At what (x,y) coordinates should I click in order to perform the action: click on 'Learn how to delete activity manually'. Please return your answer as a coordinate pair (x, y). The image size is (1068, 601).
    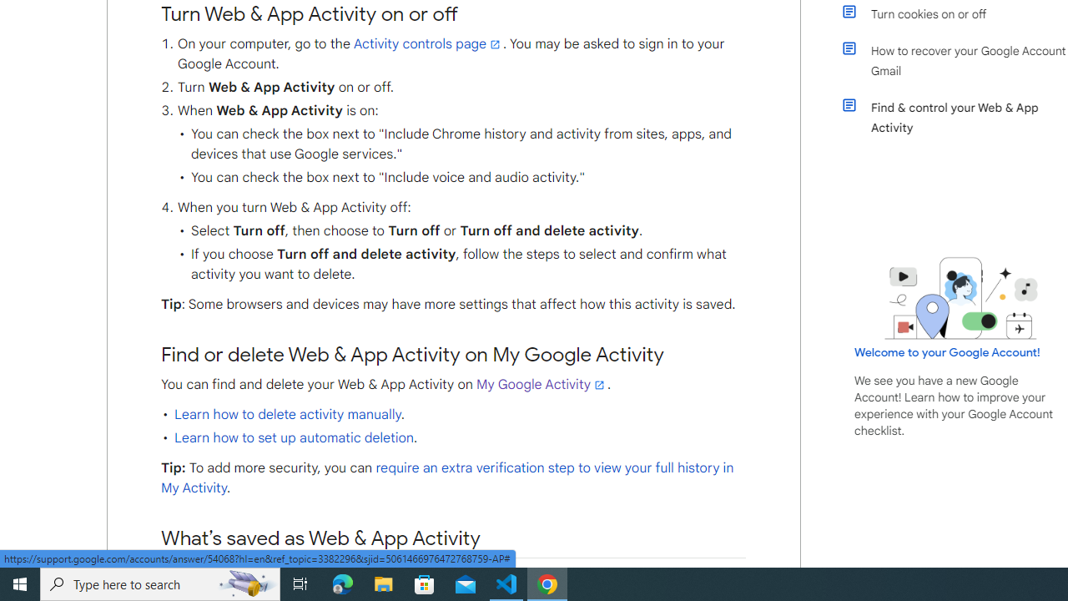
    Looking at the image, I should click on (287, 413).